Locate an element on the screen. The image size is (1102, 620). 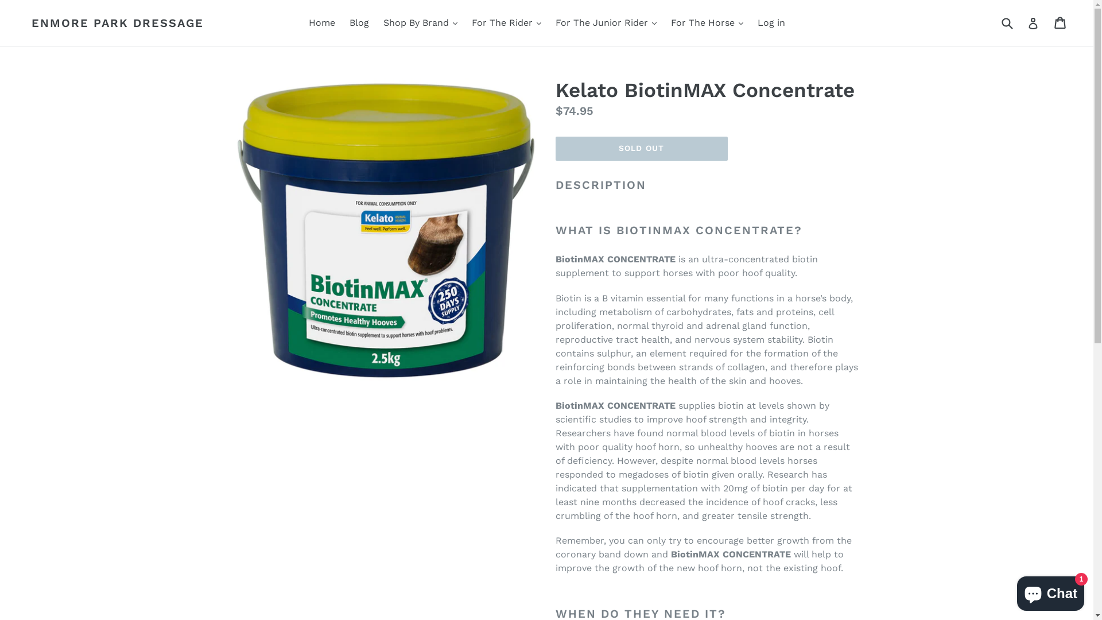
'ENMORE PARK DRESSAGE' is located at coordinates (118, 22).